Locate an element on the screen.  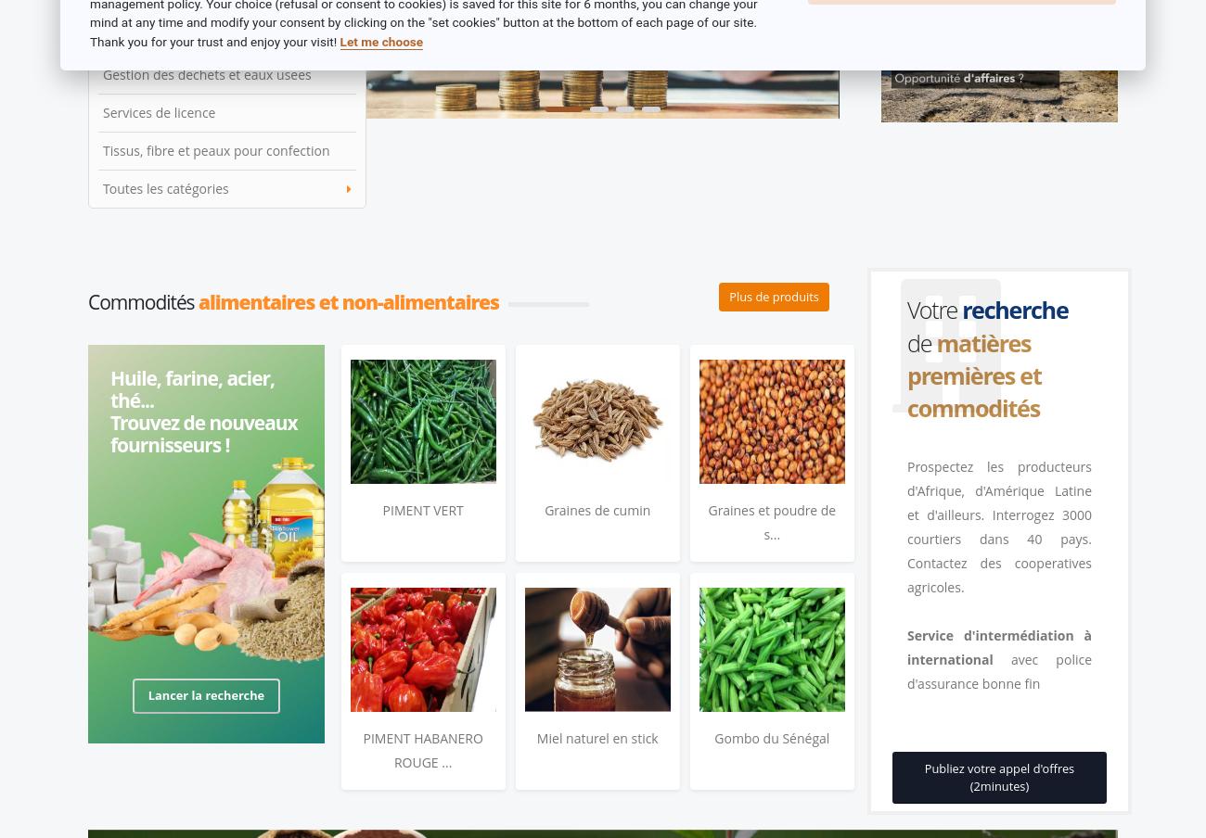
'Miel naturel en stick' is located at coordinates (534, 736).